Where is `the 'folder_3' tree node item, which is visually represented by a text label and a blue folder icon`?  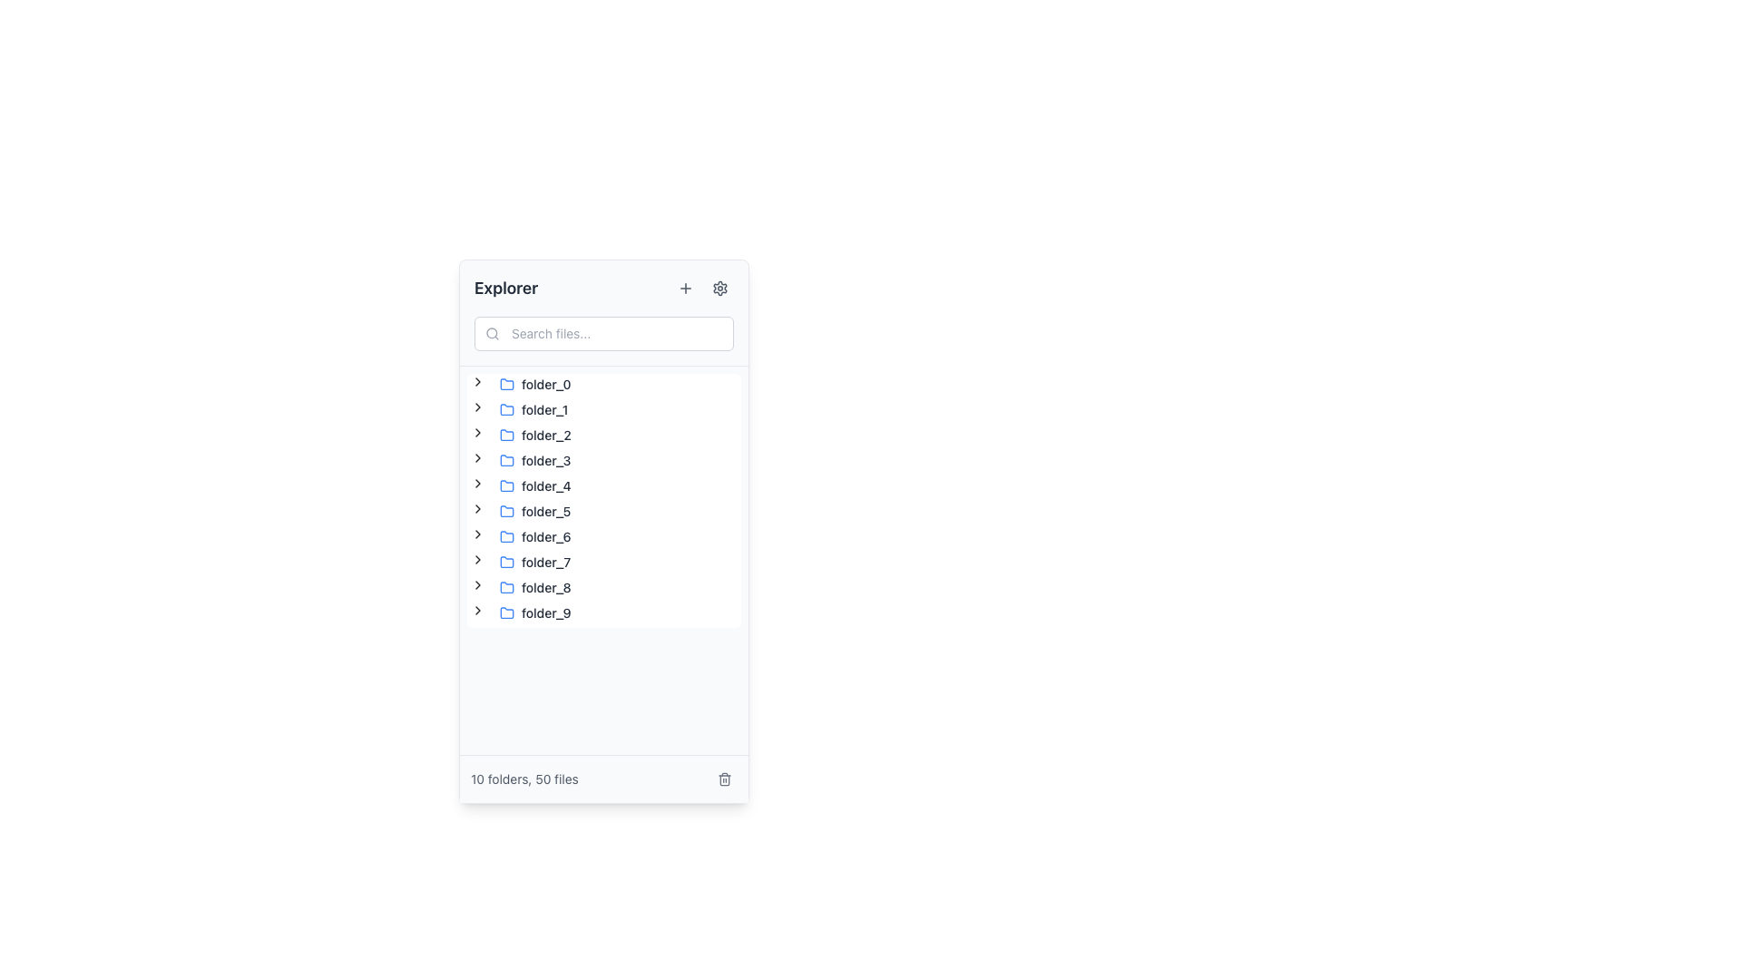 the 'folder_3' tree node item, which is visually represented by a text label and a blue folder icon is located at coordinates (534, 460).